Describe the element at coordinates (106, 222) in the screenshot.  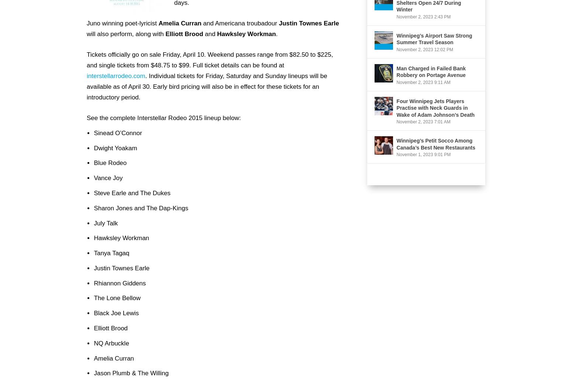
I see `'July Talk'` at that location.